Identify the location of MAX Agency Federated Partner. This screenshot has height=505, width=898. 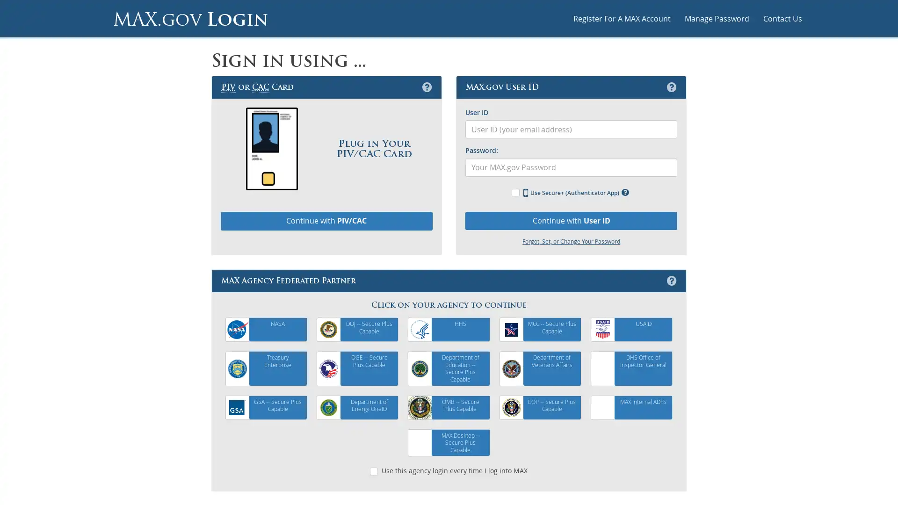
(671, 280).